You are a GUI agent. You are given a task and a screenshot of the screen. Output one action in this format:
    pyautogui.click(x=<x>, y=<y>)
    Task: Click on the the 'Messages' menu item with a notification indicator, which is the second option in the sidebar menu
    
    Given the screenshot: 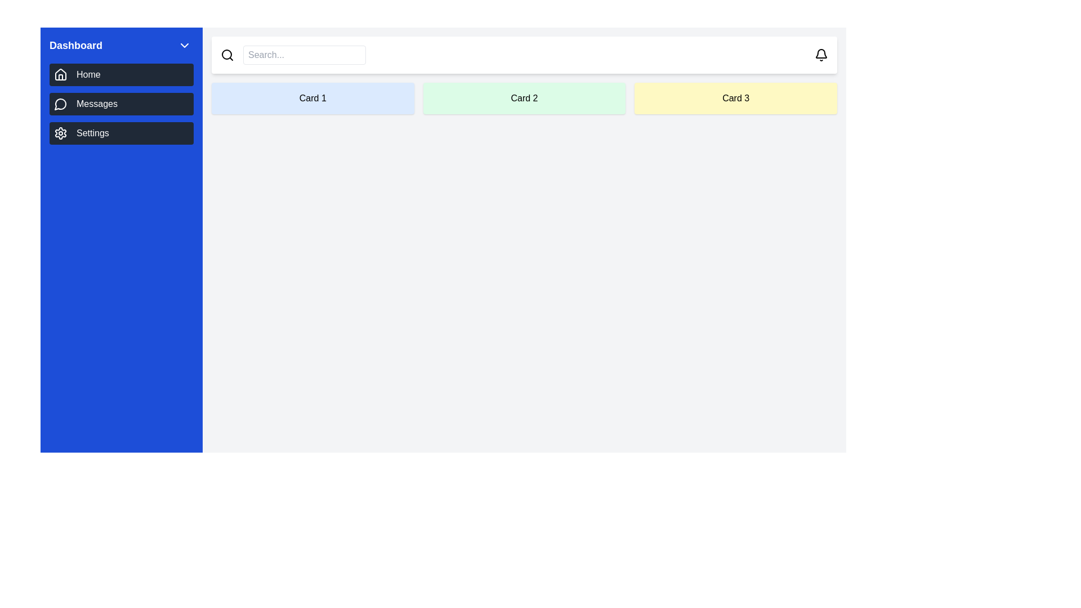 What is the action you would take?
    pyautogui.click(x=122, y=104)
    